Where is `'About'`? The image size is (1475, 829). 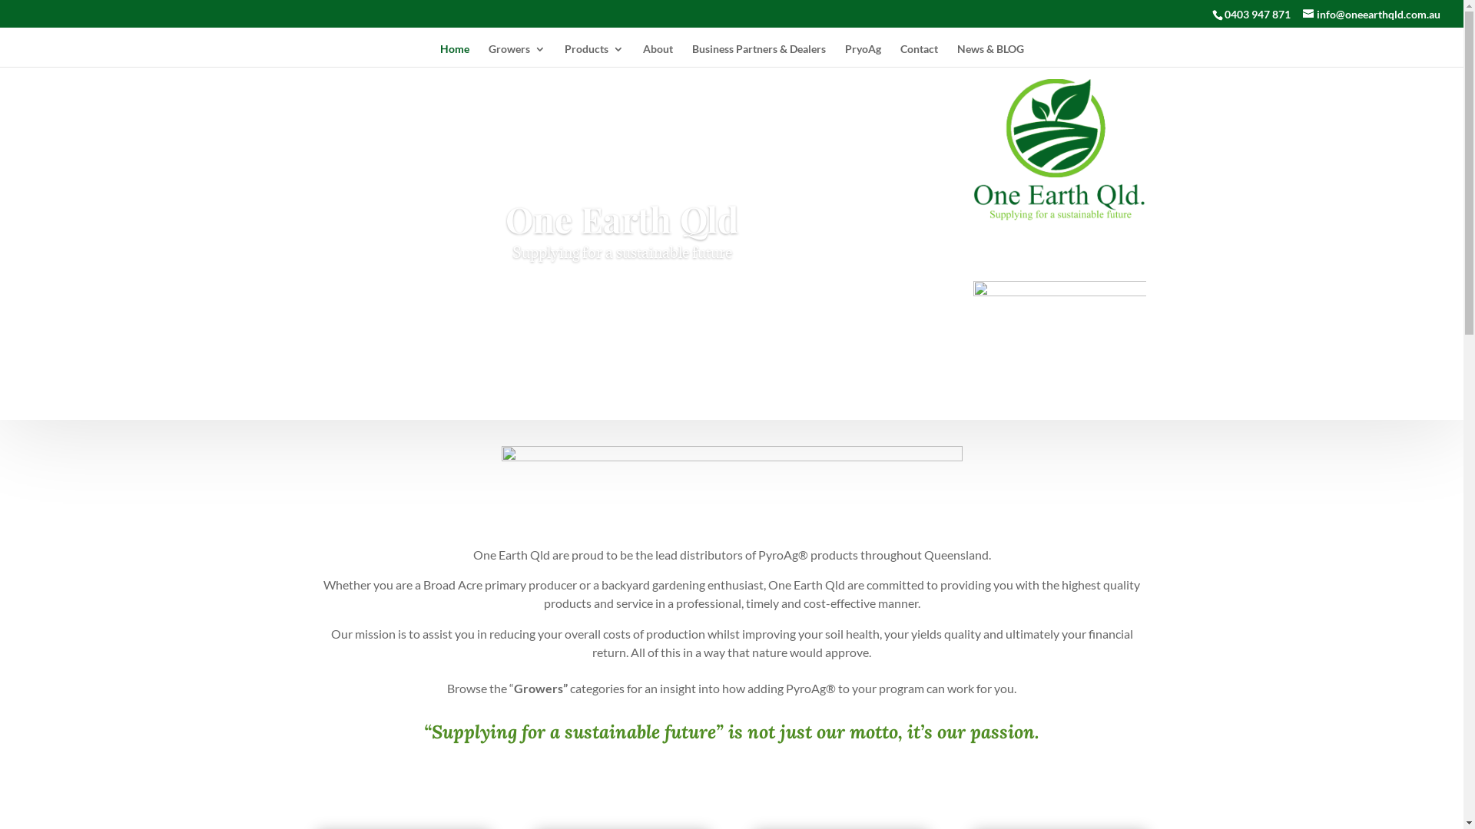 'About' is located at coordinates (641, 54).